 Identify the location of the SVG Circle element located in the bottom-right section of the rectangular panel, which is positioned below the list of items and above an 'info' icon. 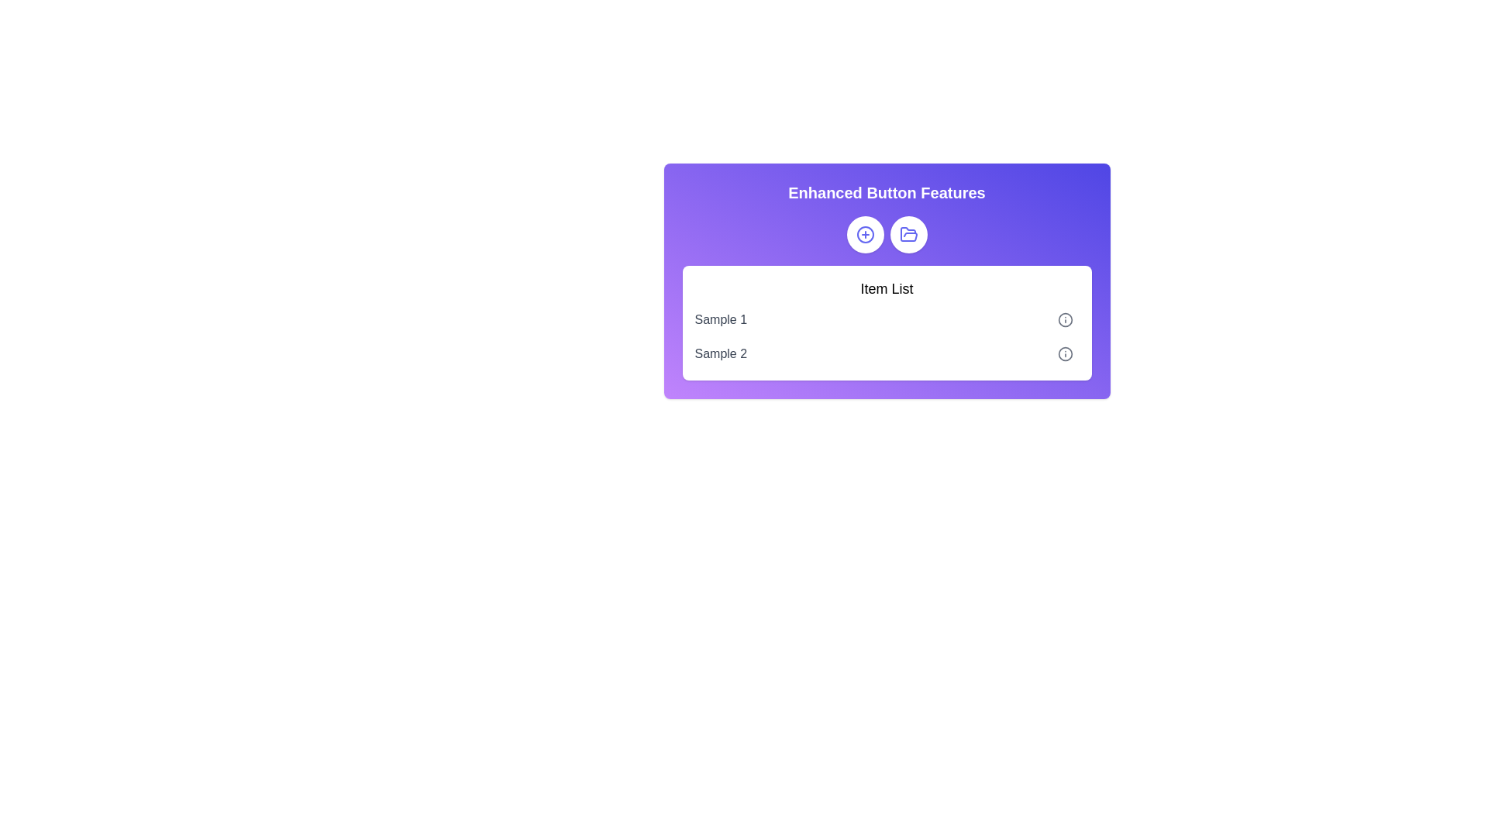
(1064, 319).